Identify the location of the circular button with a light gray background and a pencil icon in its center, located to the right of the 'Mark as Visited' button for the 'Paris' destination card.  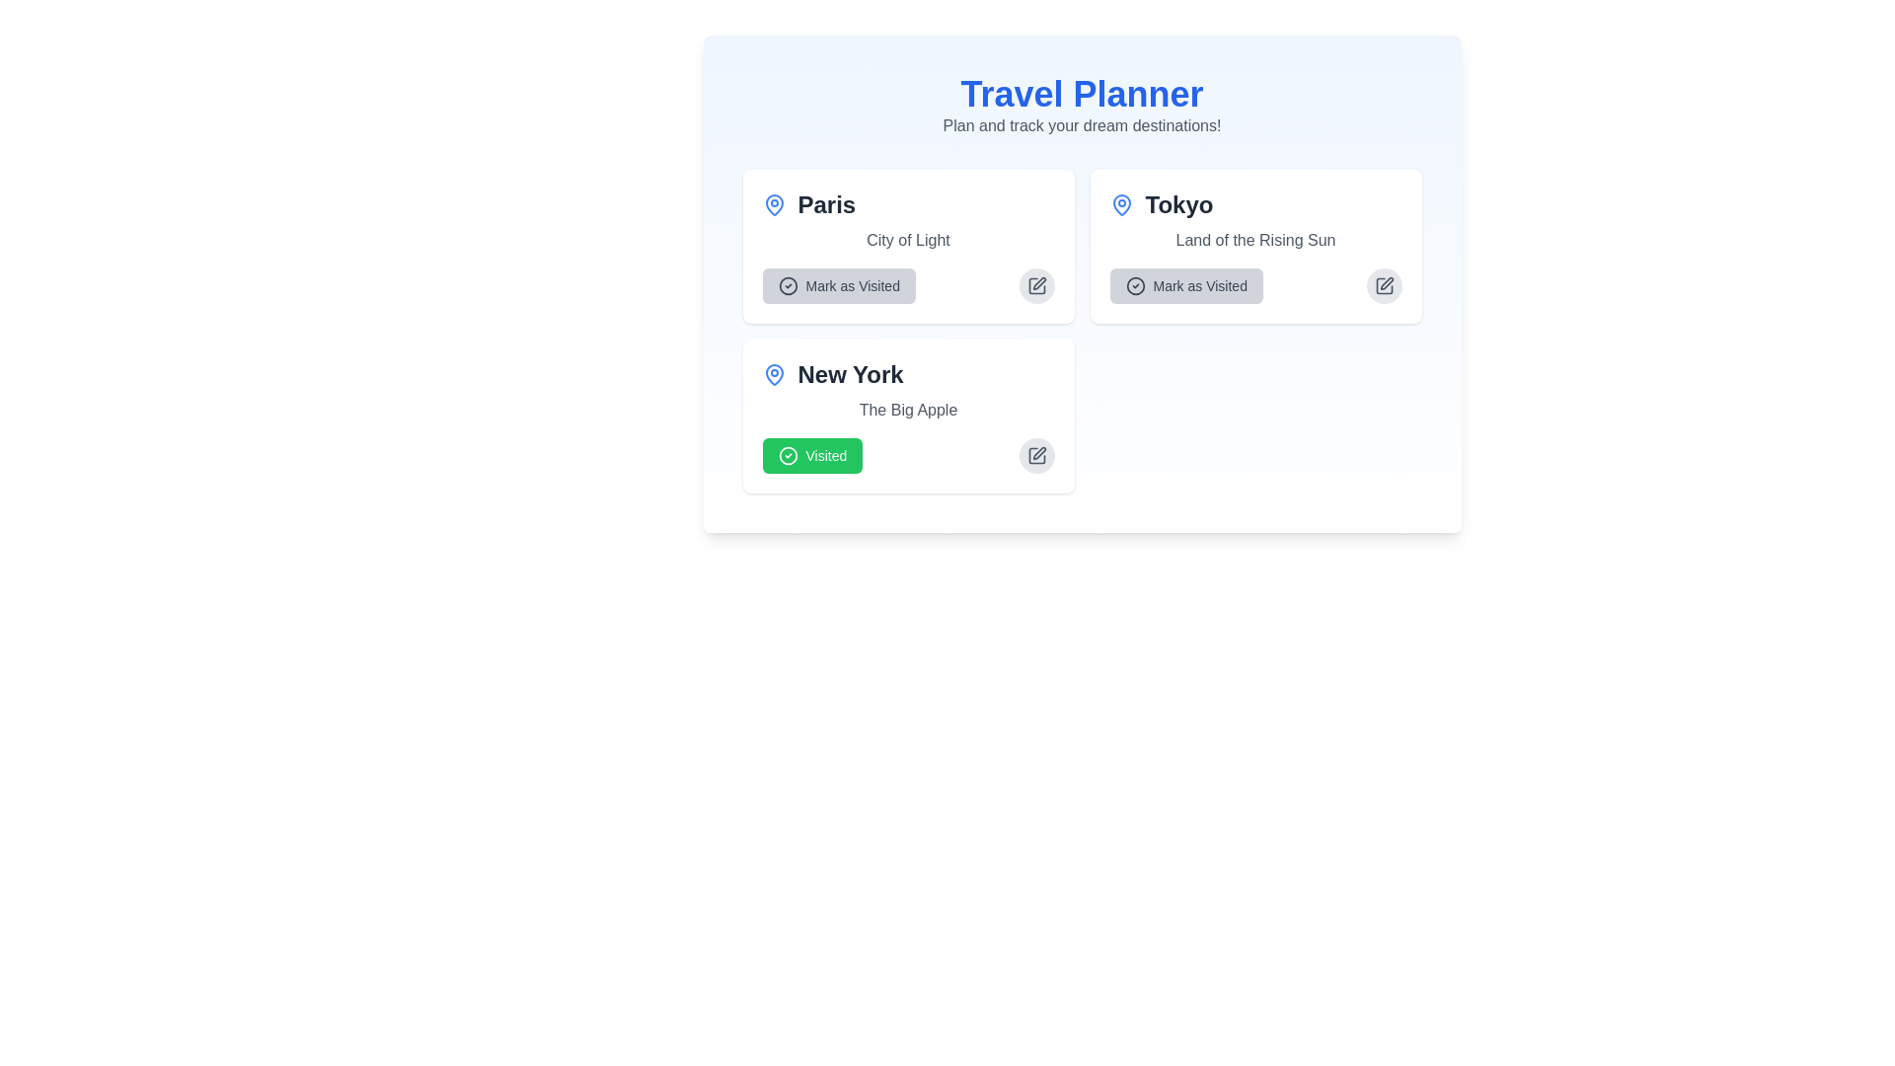
(1035, 285).